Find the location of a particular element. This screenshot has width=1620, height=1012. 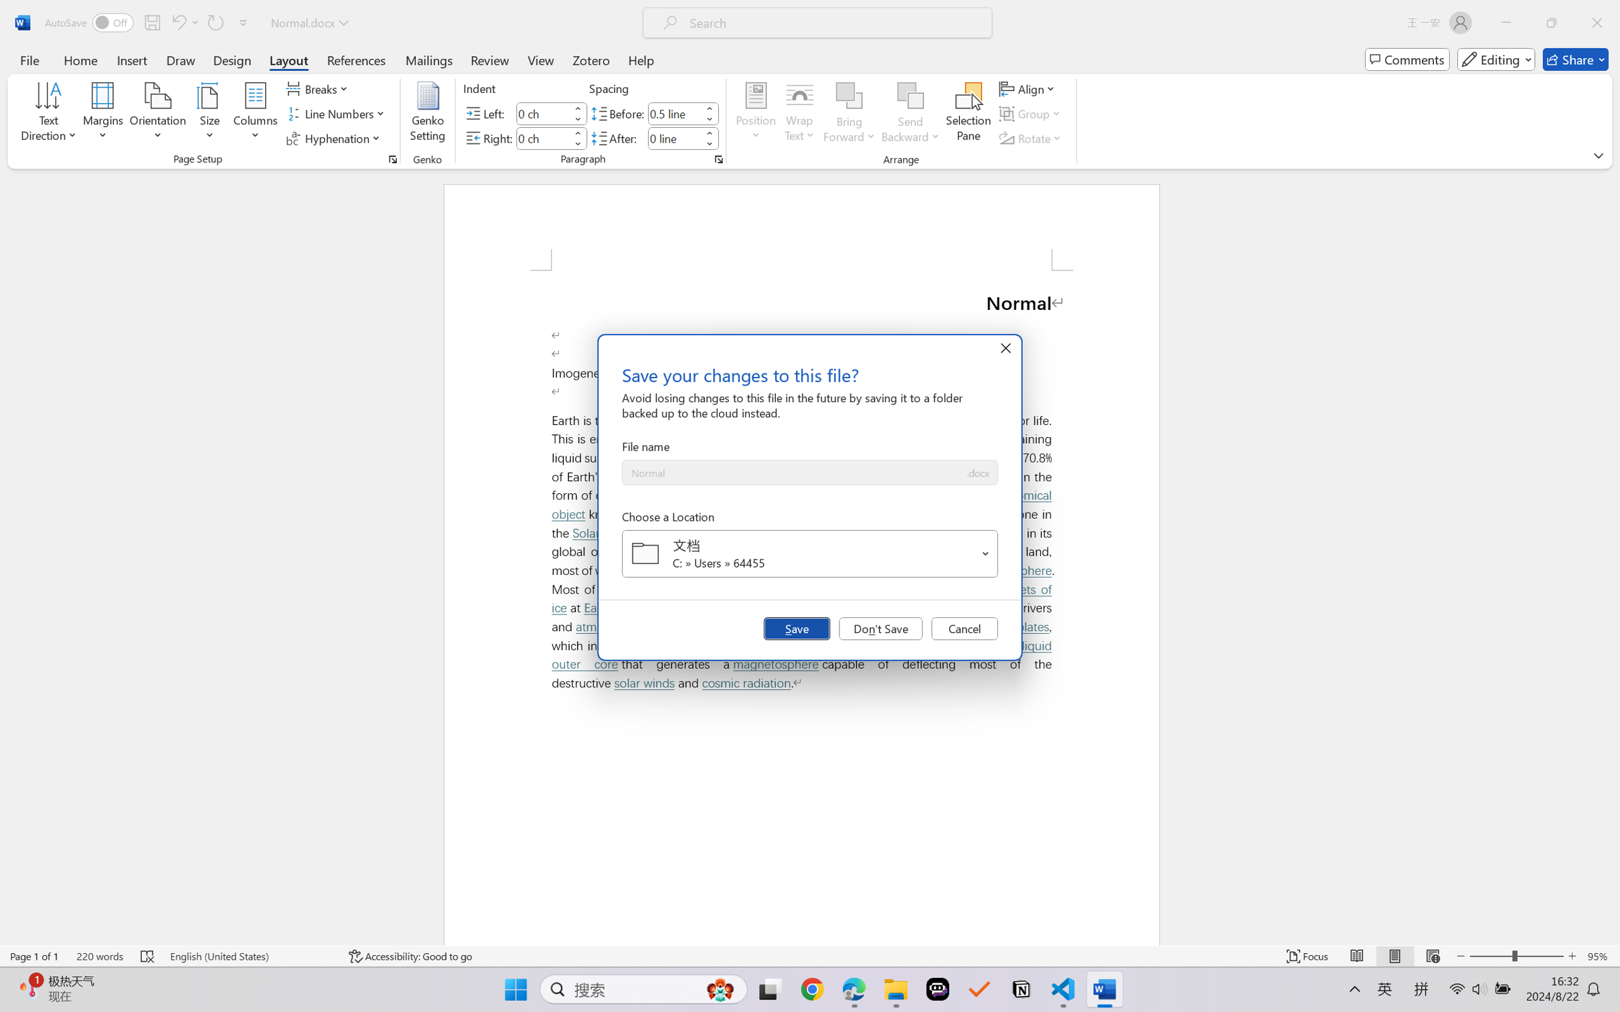

'Less' is located at coordinates (709, 143).